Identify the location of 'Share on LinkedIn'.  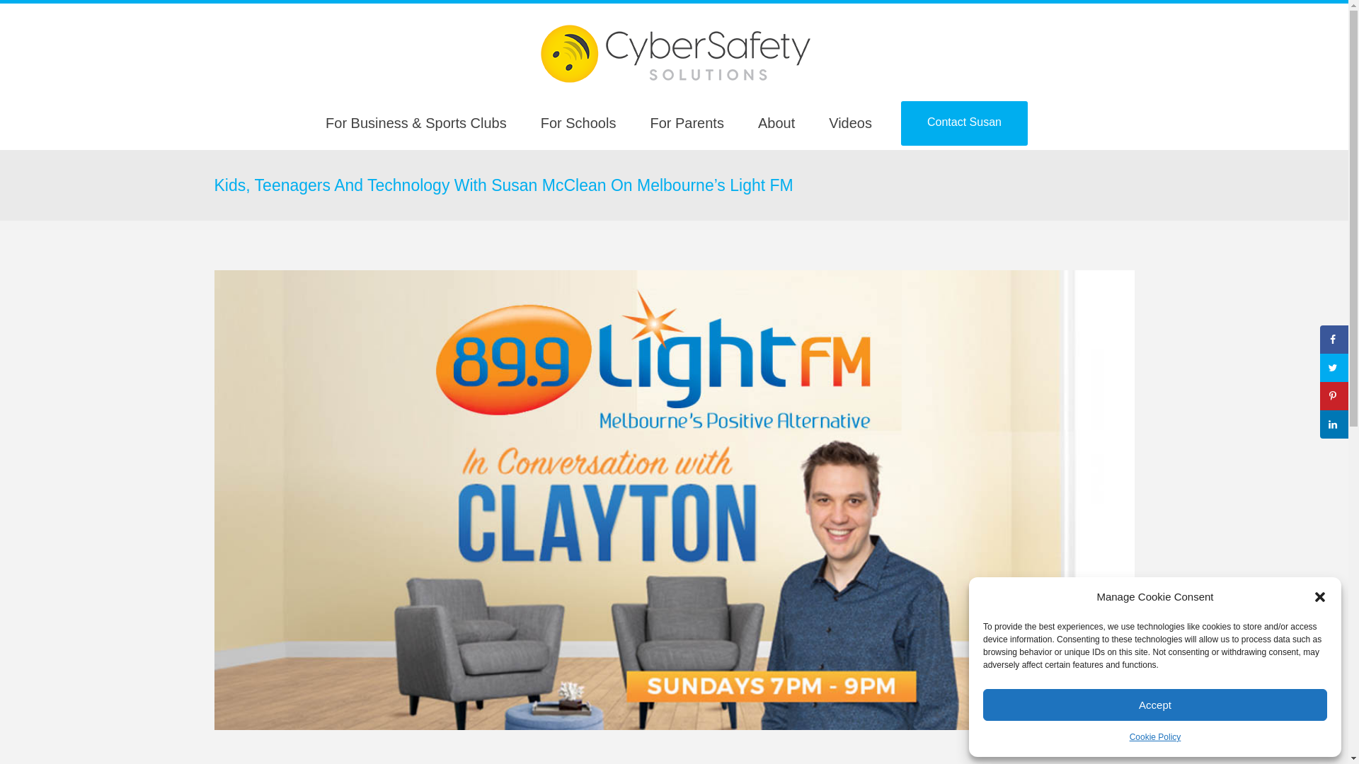
(1334, 424).